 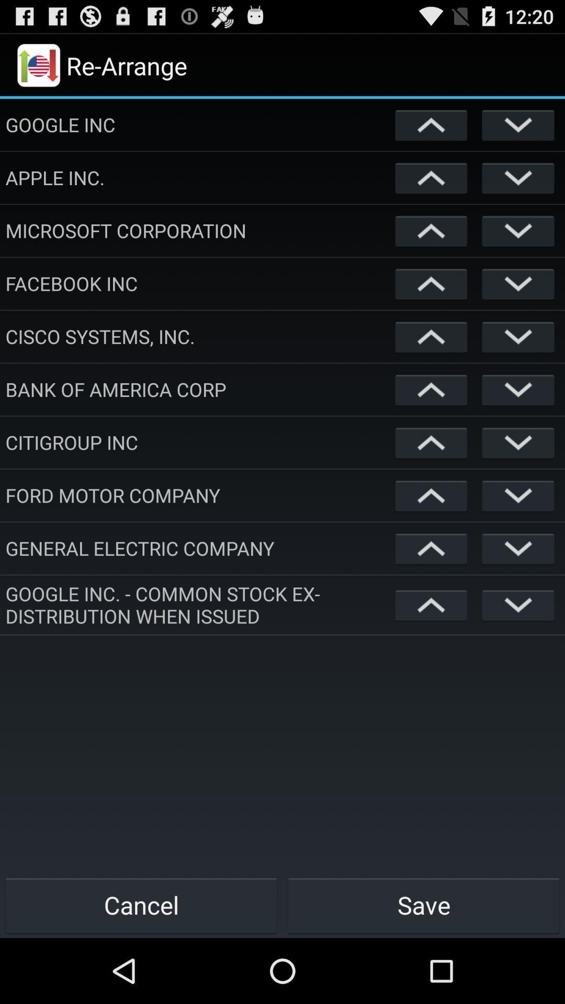 I want to click on cancel, so click(x=141, y=905).